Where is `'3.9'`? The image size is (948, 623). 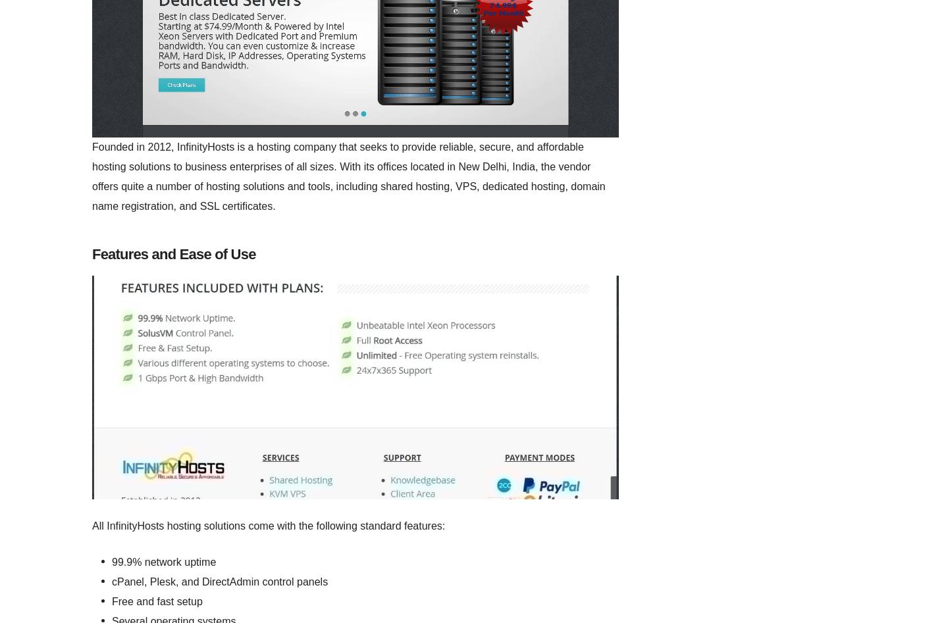 '3.9' is located at coordinates (147, 326).